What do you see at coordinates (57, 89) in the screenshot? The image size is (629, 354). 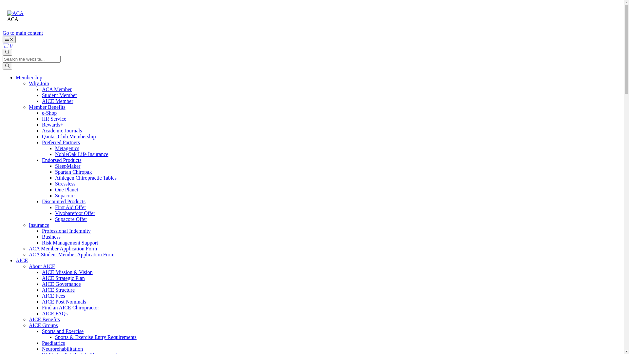 I see `'ACA Member'` at bounding box center [57, 89].